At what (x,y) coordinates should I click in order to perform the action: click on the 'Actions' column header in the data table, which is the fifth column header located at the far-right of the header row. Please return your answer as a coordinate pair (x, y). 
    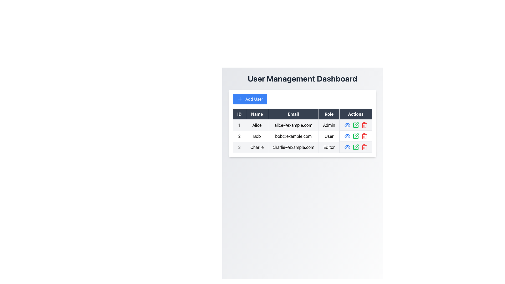
    Looking at the image, I should click on (356, 114).